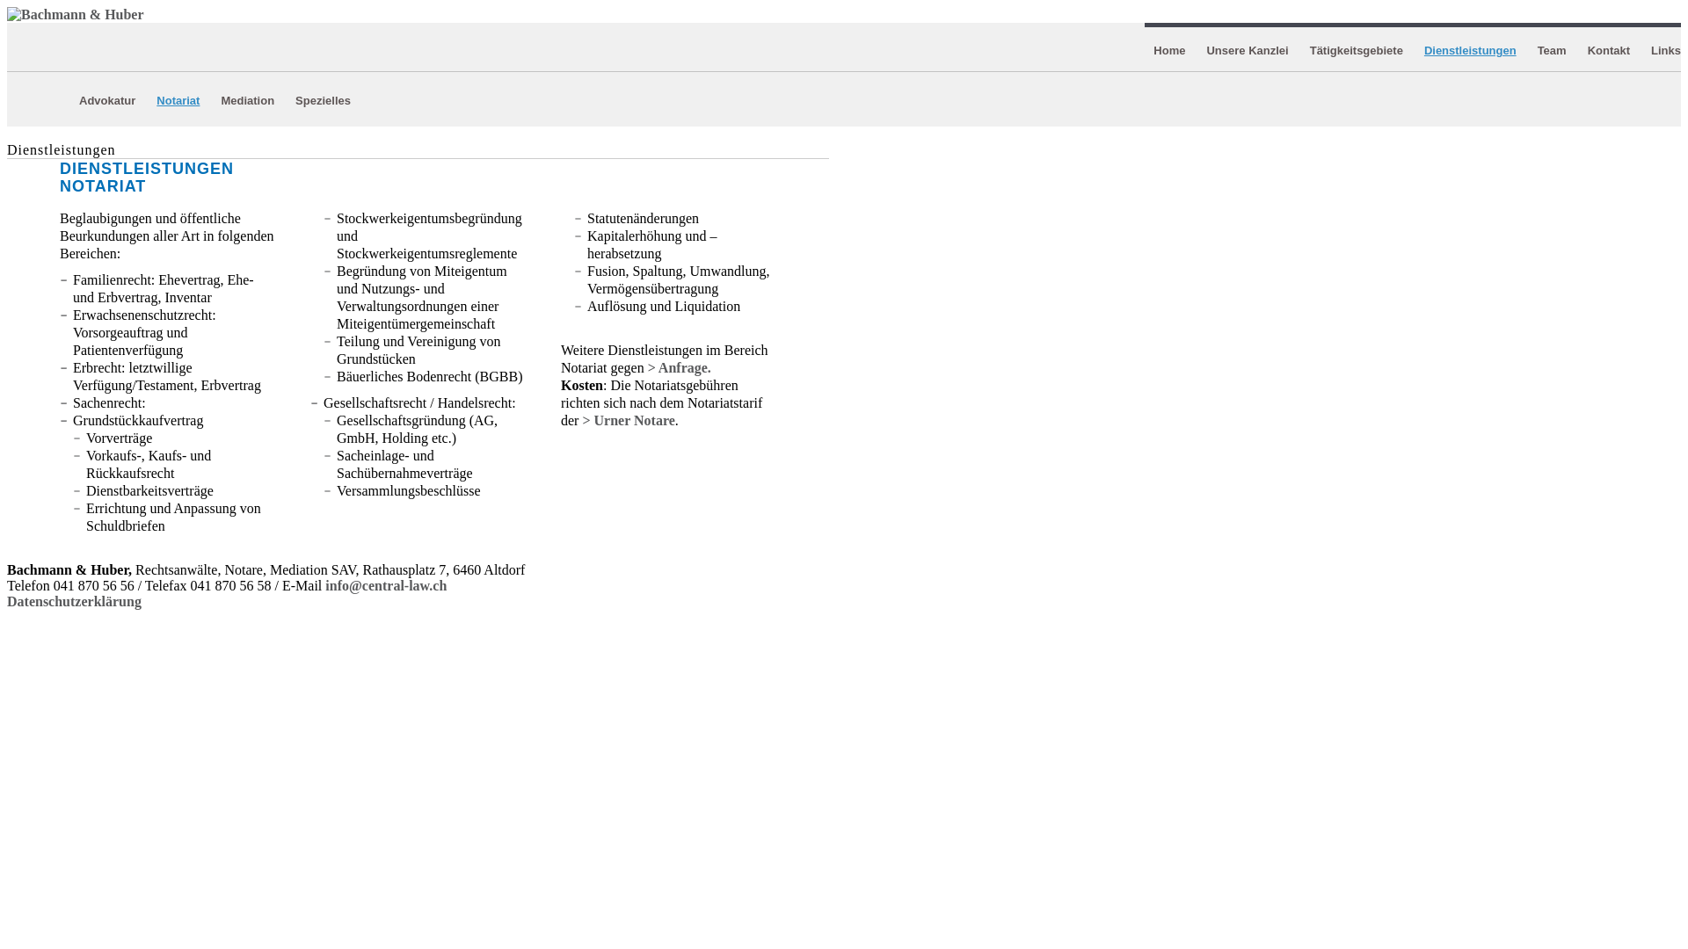 The height and width of the screenshot is (949, 1688). What do you see at coordinates (75, 14) in the screenshot?
I see `'Bachmann & Huber'` at bounding box center [75, 14].